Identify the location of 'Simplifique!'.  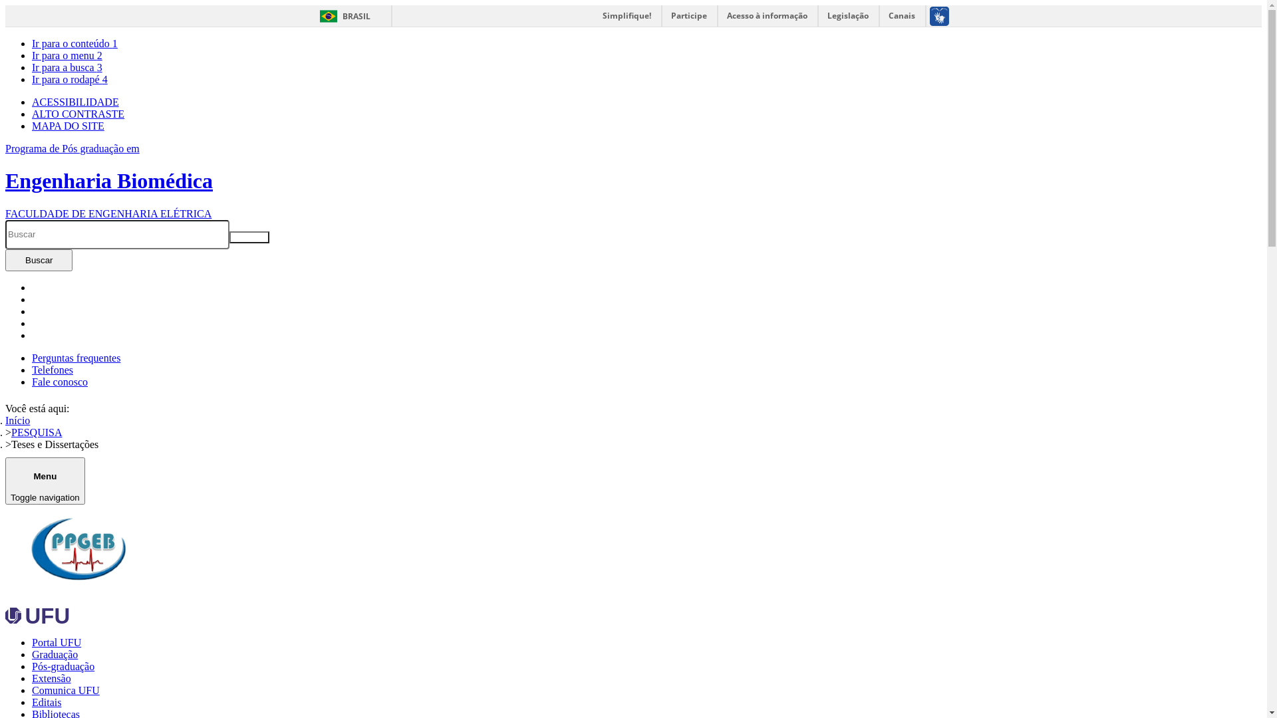
(626, 15).